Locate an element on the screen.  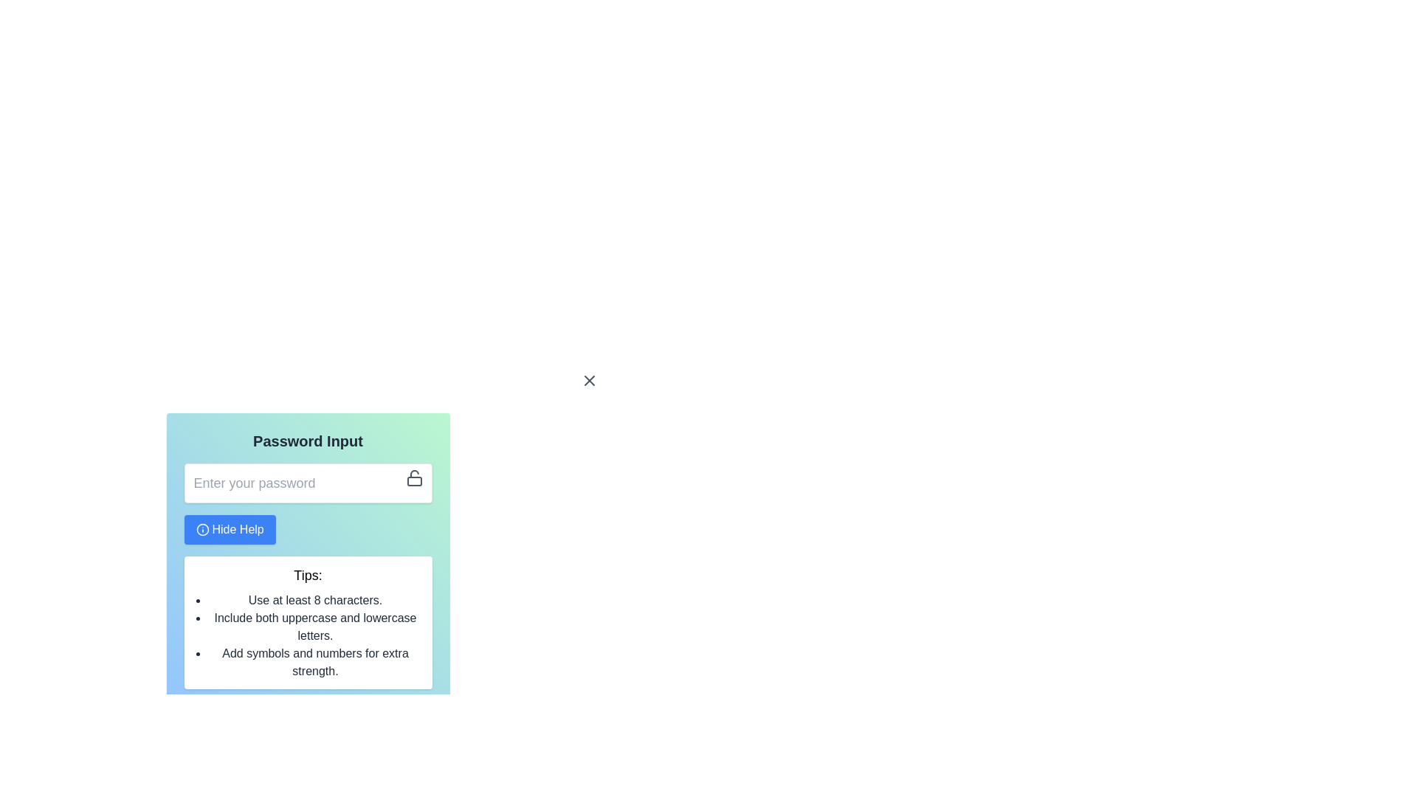
the close or dismiss button represented by the 'X' shape in the SVG graphic, which is located to the right of the password input field is located at coordinates (588, 380).